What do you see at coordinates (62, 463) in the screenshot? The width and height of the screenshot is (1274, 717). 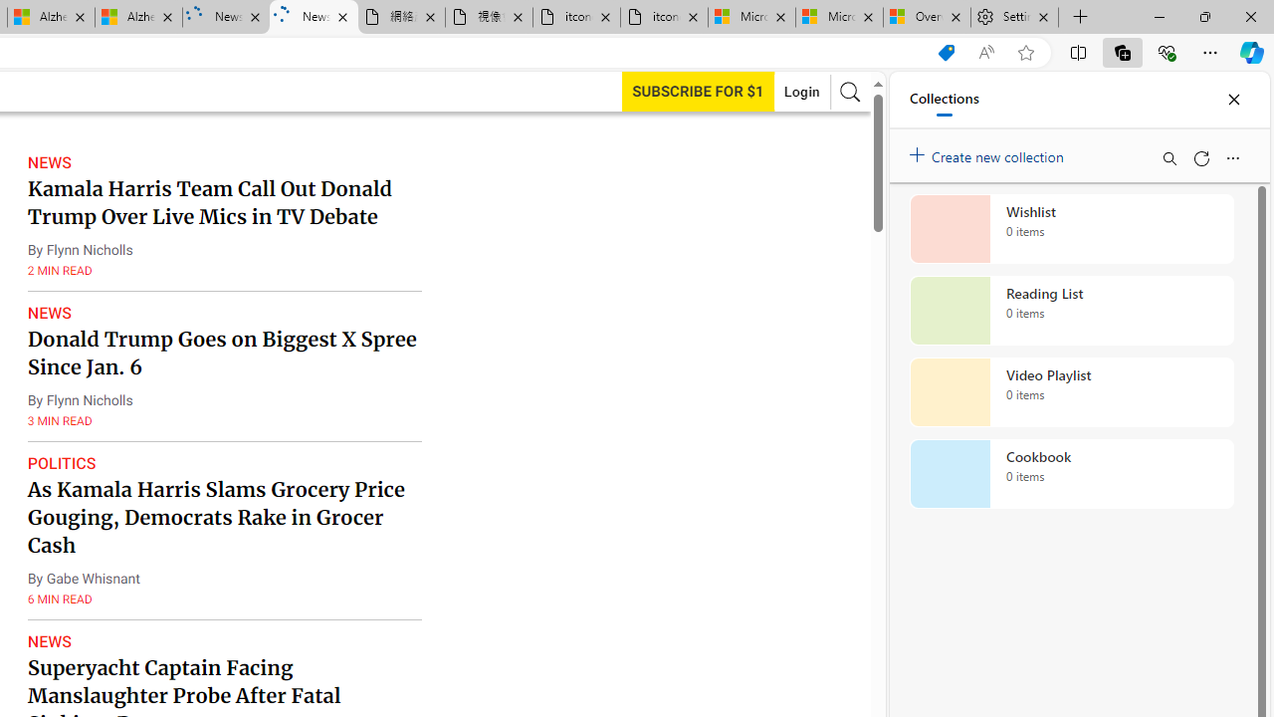 I see `'POLITICS'` at bounding box center [62, 463].